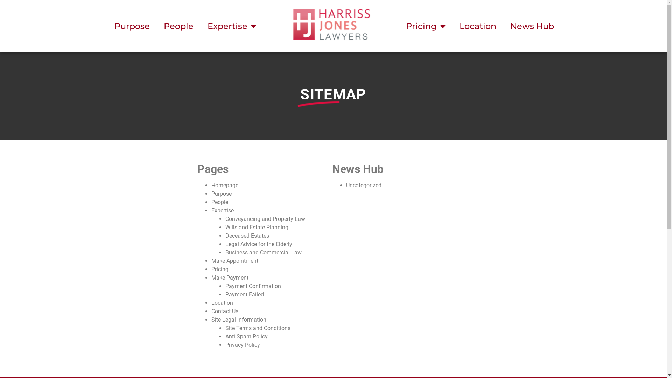 This screenshot has height=378, width=672. What do you see at coordinates (222, 210) in the screenshot?
I see `'Expertise'` at bounding box center [222, 210].